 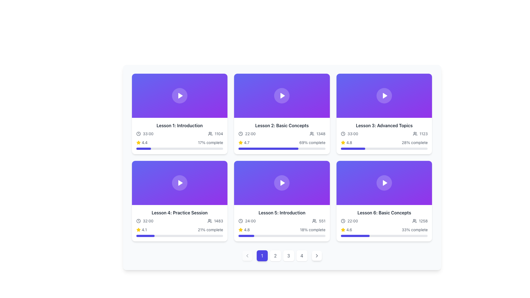 What do you see at coordinates (282, 95) in the screenshot?
I see `the circular play button with a white play icon on a semi-transparent purple background located in the upper half of the 'Lesson 2: Basic Concepts' card` at bounding box center [282, 95].